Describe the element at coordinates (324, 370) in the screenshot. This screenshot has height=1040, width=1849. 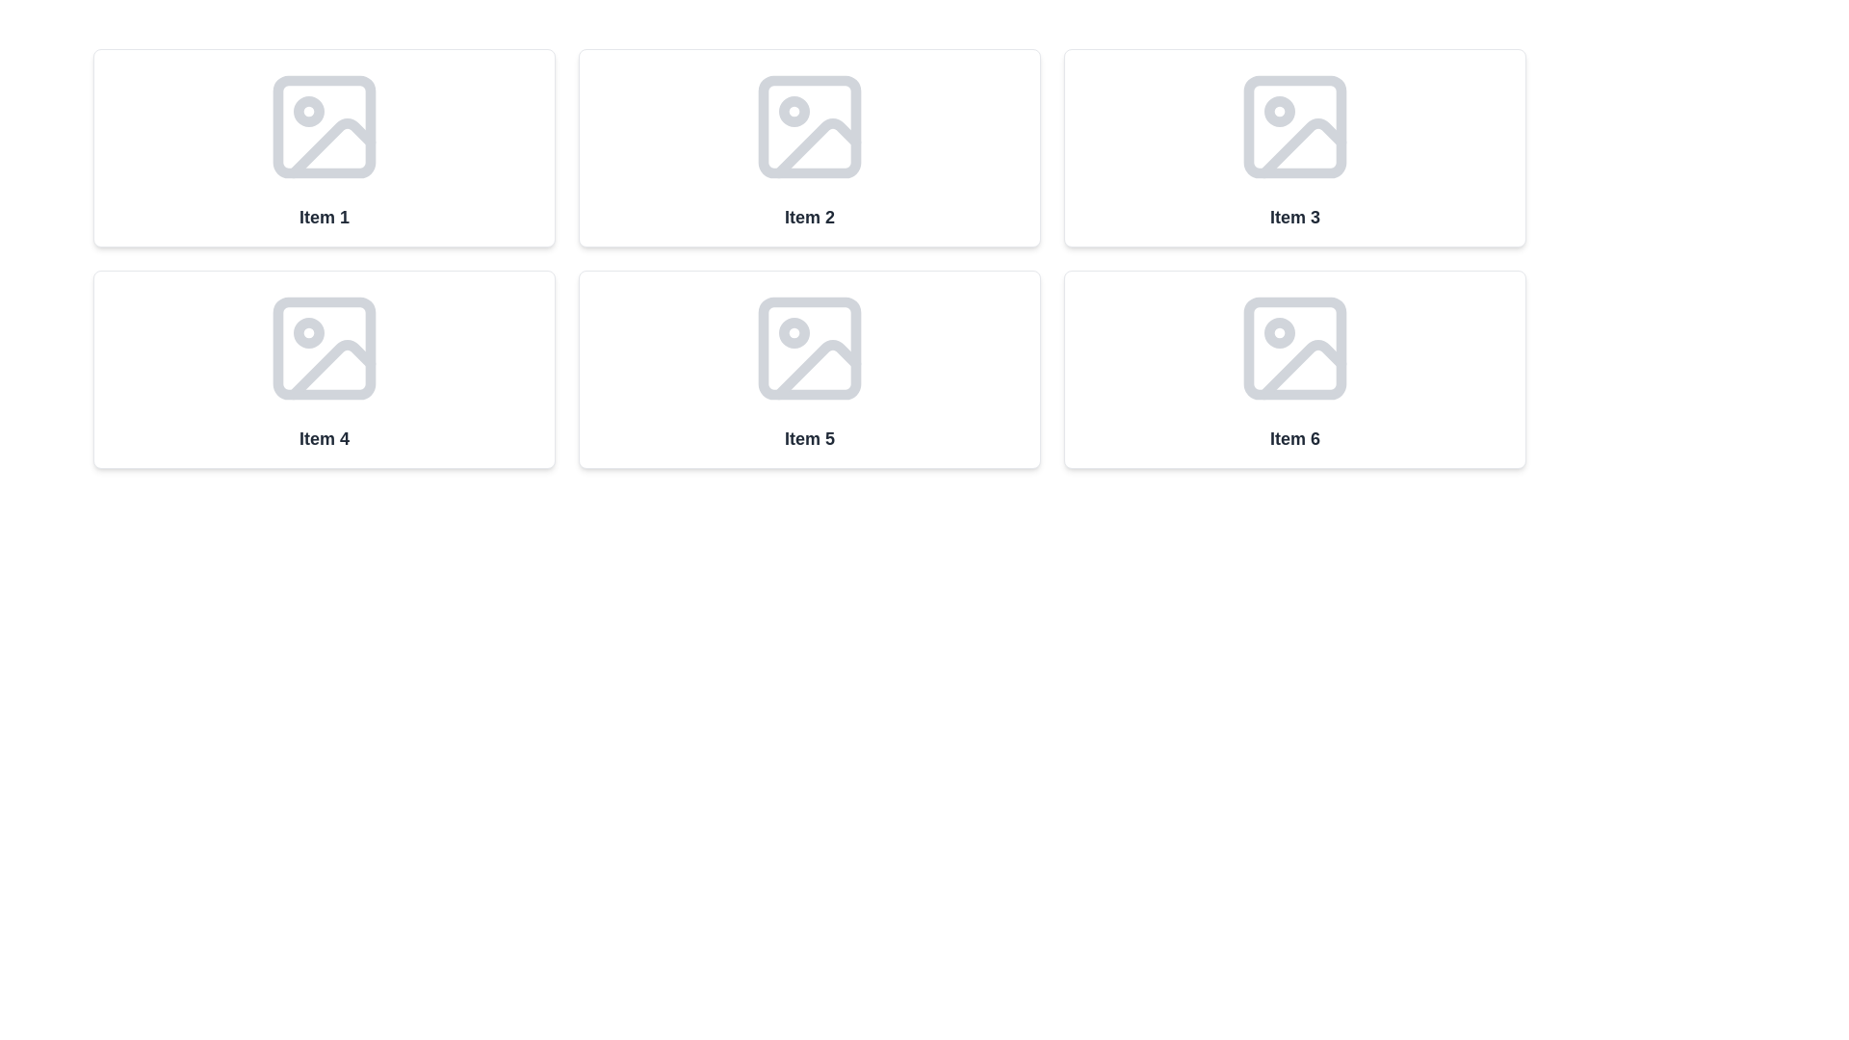
I see `the Item card representing 'Item 4', located in the bottom-left corner of the grid layout` at that location.